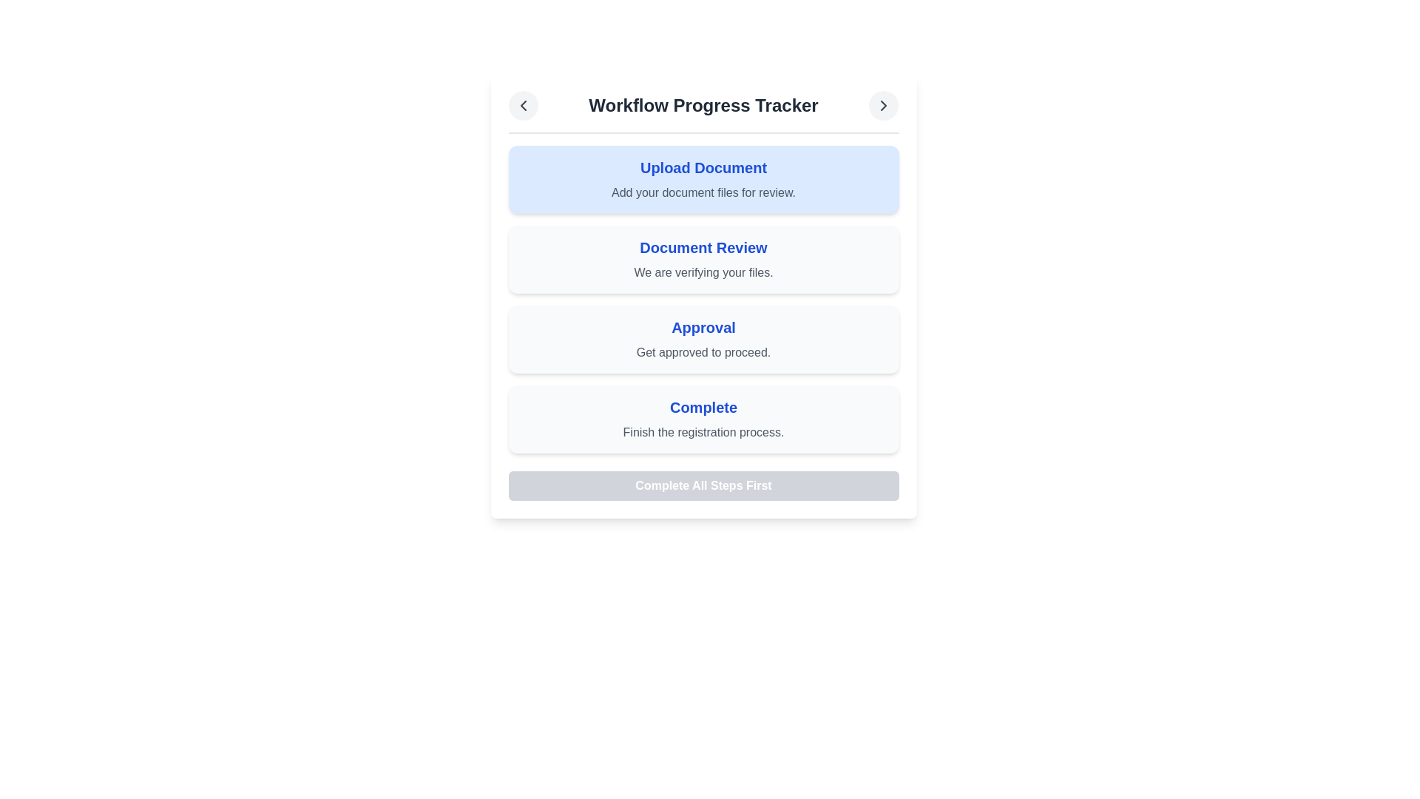  I want to click on the Informational Card indicating that the document review step is in progress, which is the second card in the Workflow Progress Tracker, so click(703, 259).